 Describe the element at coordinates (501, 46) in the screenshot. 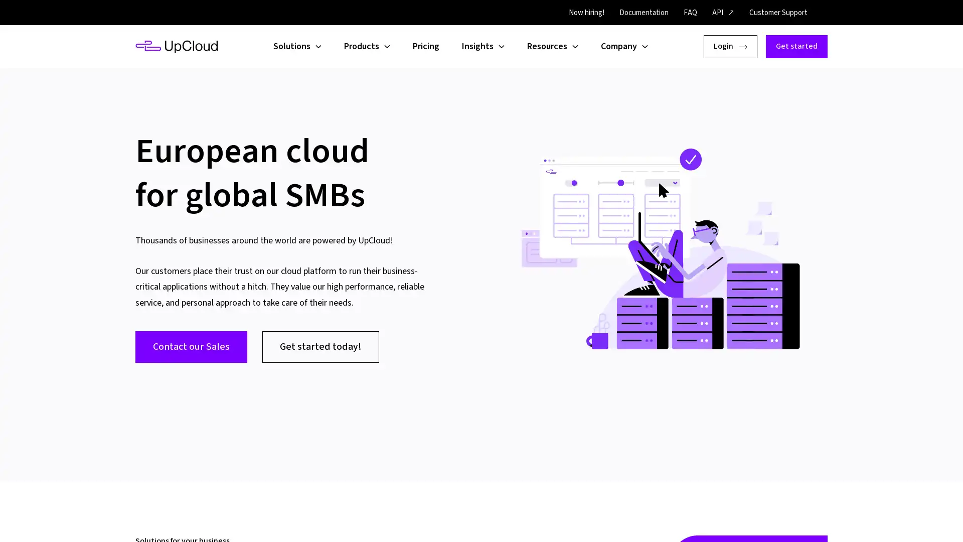

I see `Open child menu for Insights` at that location.